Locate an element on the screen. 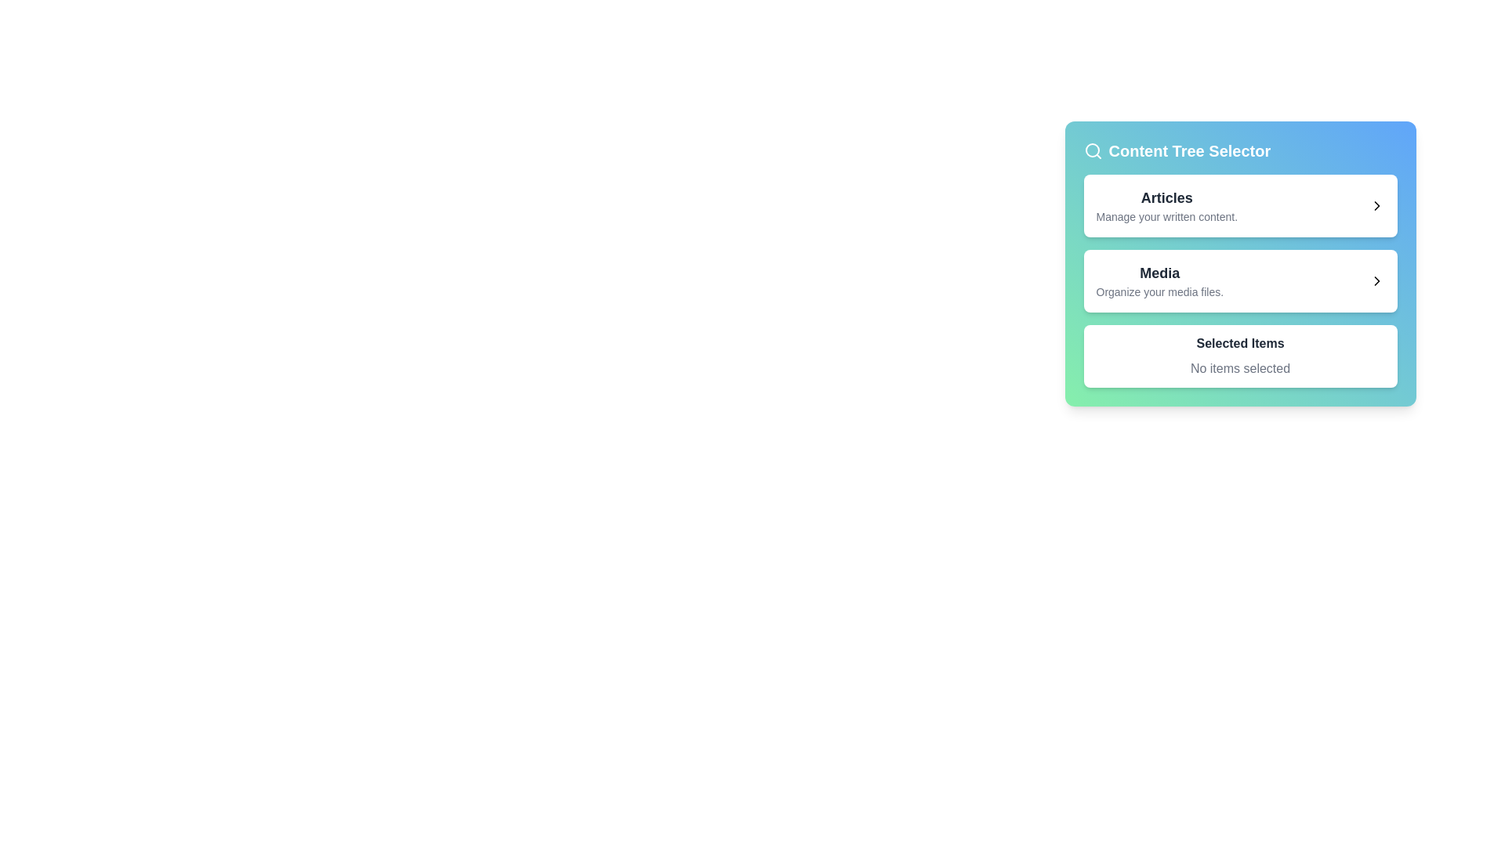 Image resolution: width=1505 pixels, height=846 pixels. the rightward-pointing chevron icon located within the 'Media' navigation item of the 'Content Tree Selector' is located at coordinates (1376, 280).